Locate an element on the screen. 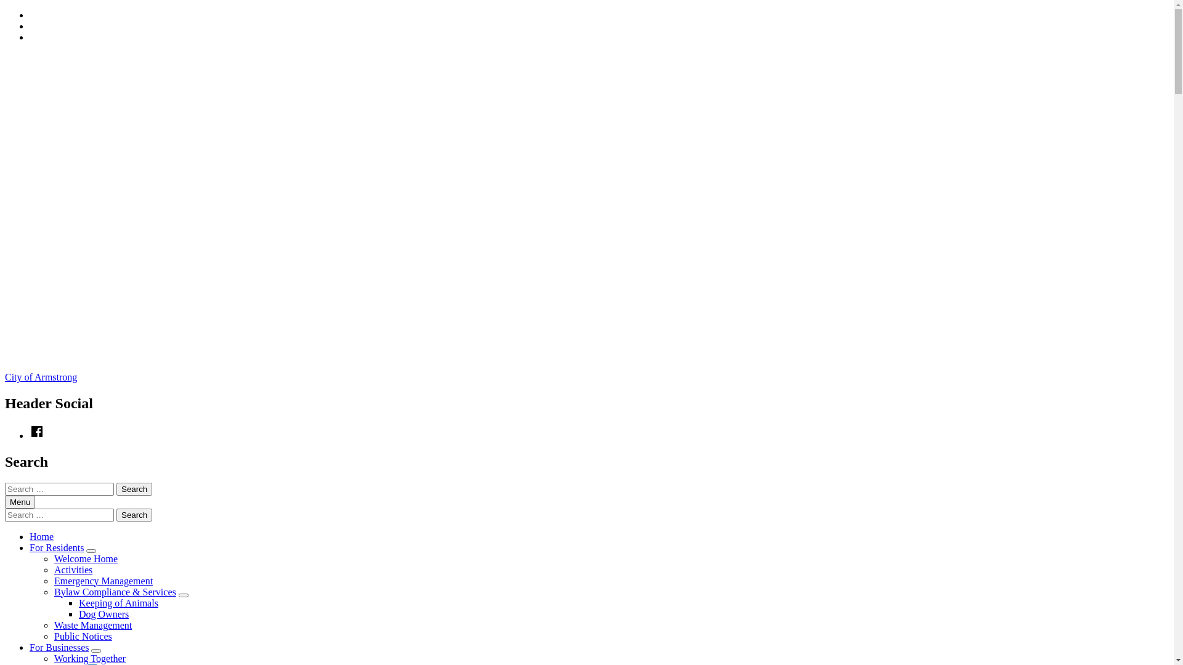 The height and width of the screenshot is (665, 1183). 'Skip to main navigation' is located at coordinates (29, 9).